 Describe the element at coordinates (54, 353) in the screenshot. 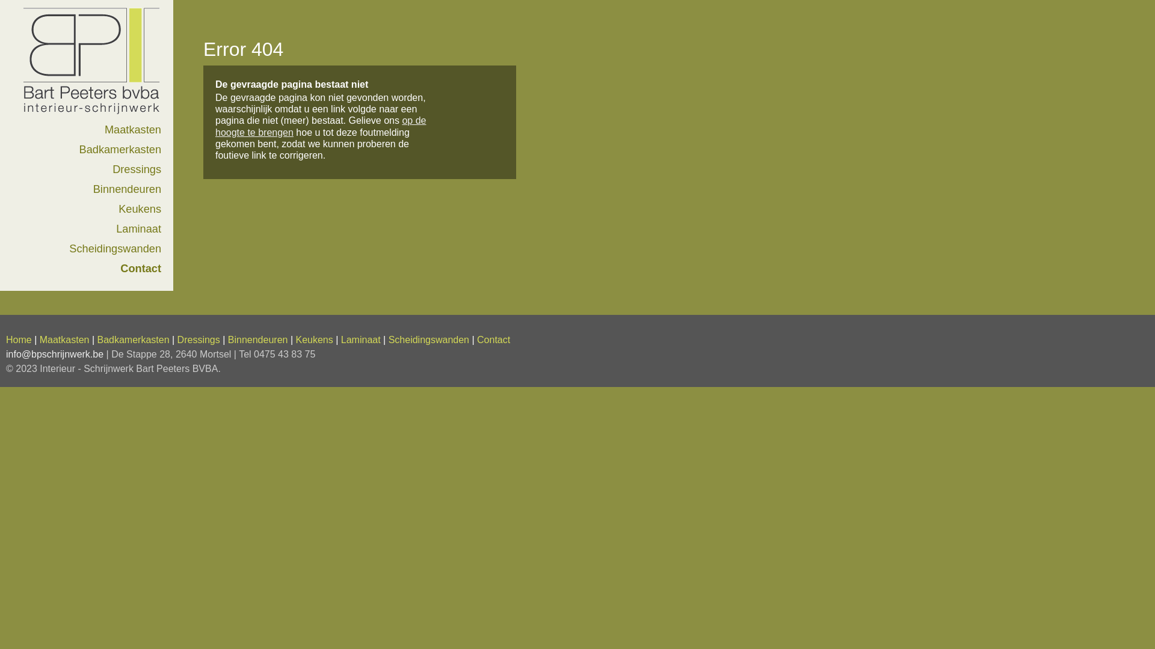

I see `'info@bpschrijnwerk.be'` at that location.